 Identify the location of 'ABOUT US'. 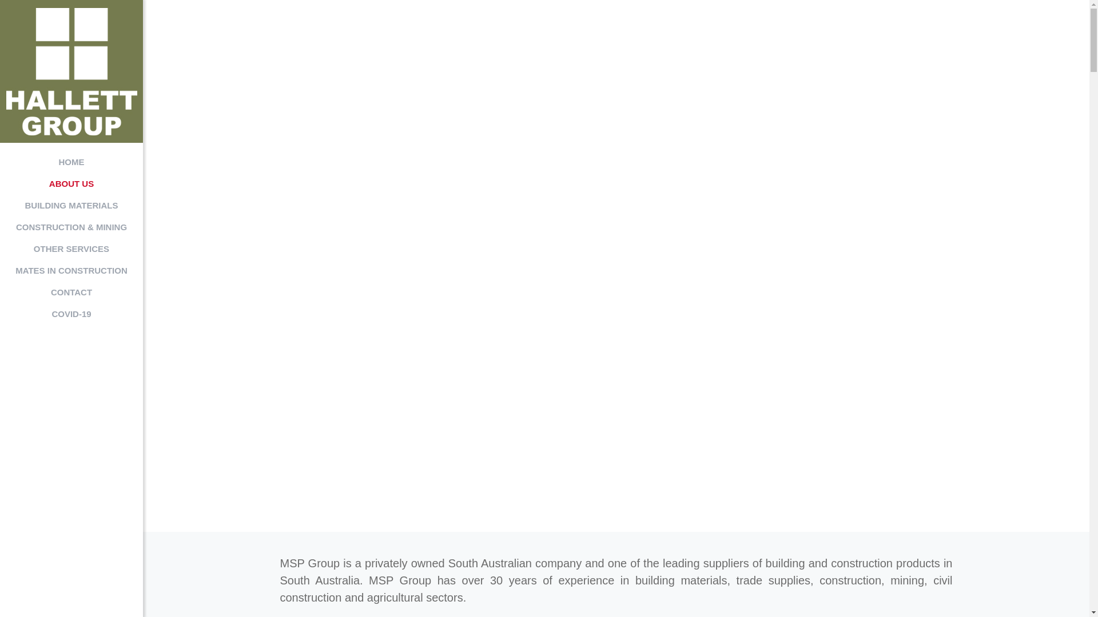
(70, 183).